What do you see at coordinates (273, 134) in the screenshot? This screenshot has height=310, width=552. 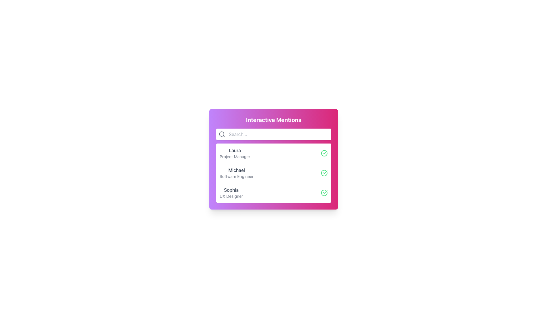 I see `the Search bar located under the title 'Interactive Mentions' to focus the input` at bounding box center [273, 134].